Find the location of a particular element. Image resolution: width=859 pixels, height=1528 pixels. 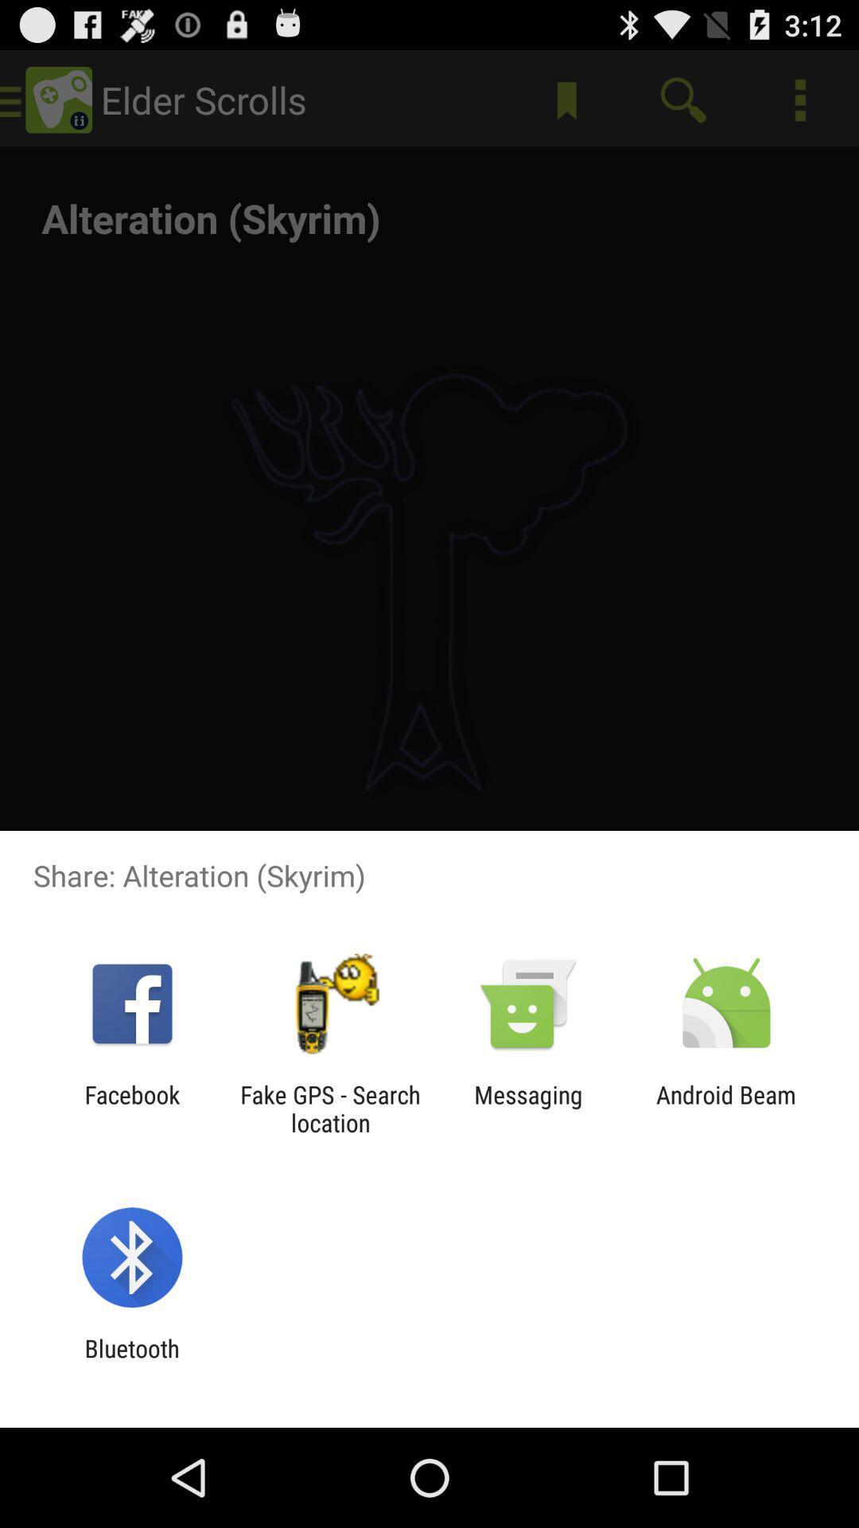

item to the right of fake gps search item is located at coordinates (528, 1108).